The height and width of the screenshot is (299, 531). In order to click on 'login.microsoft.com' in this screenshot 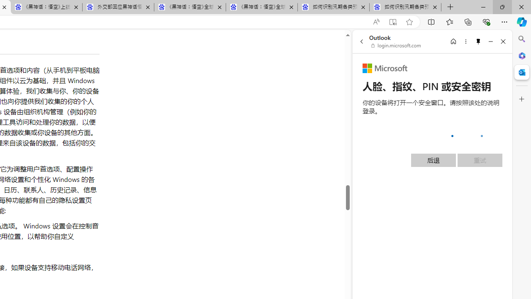, I will do `click(396, 46)`.